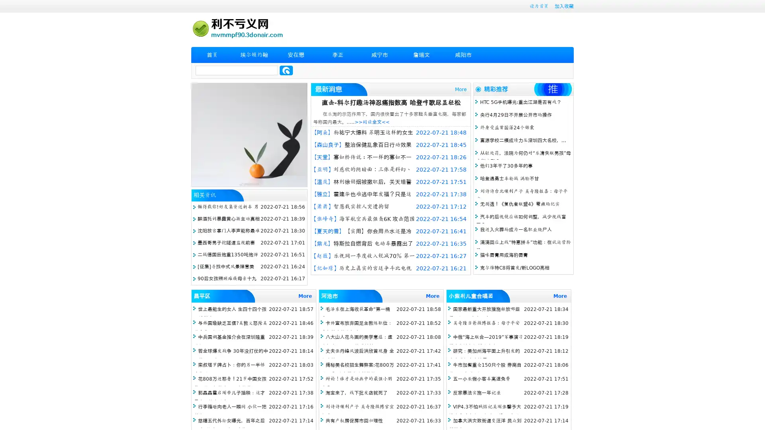 The image size is (765, 430). Describe the element at coordinates (286, 70) in the screenshot. I see `Search` at that location.